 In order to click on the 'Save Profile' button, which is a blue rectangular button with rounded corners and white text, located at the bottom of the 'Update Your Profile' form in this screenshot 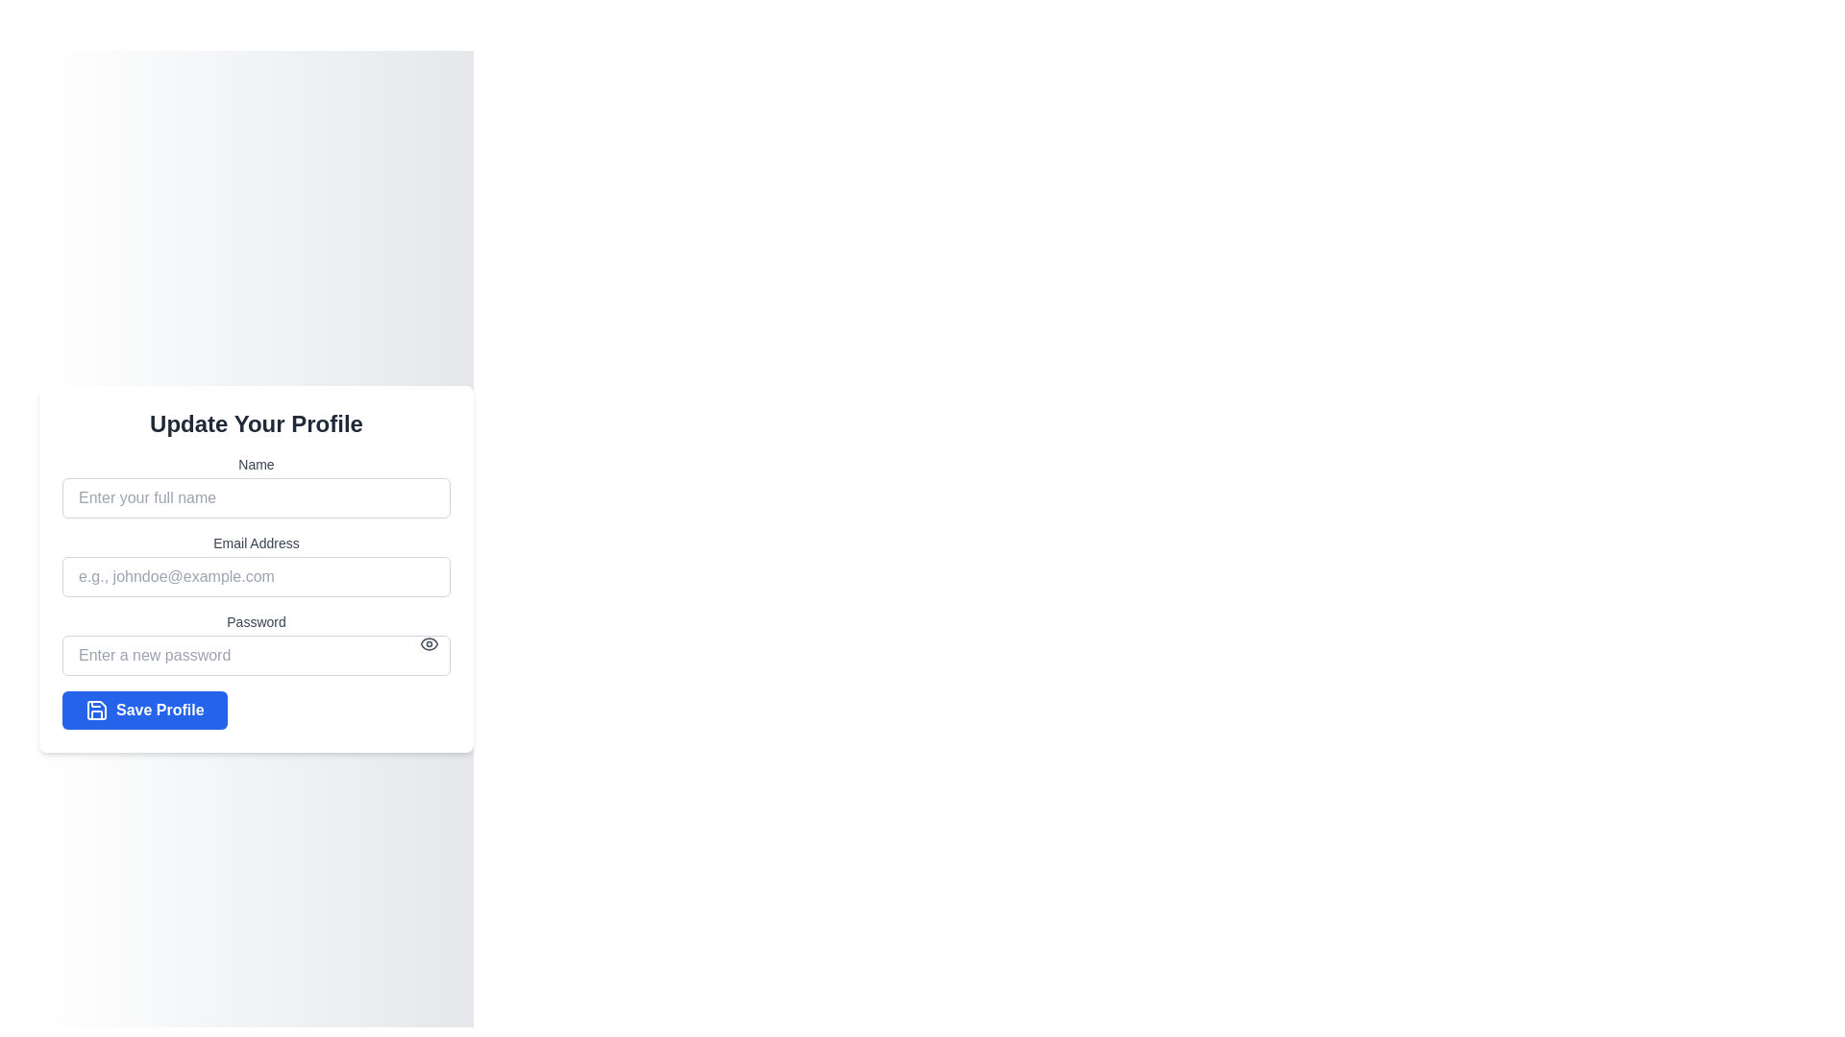, I will do `click(143, 711)`.